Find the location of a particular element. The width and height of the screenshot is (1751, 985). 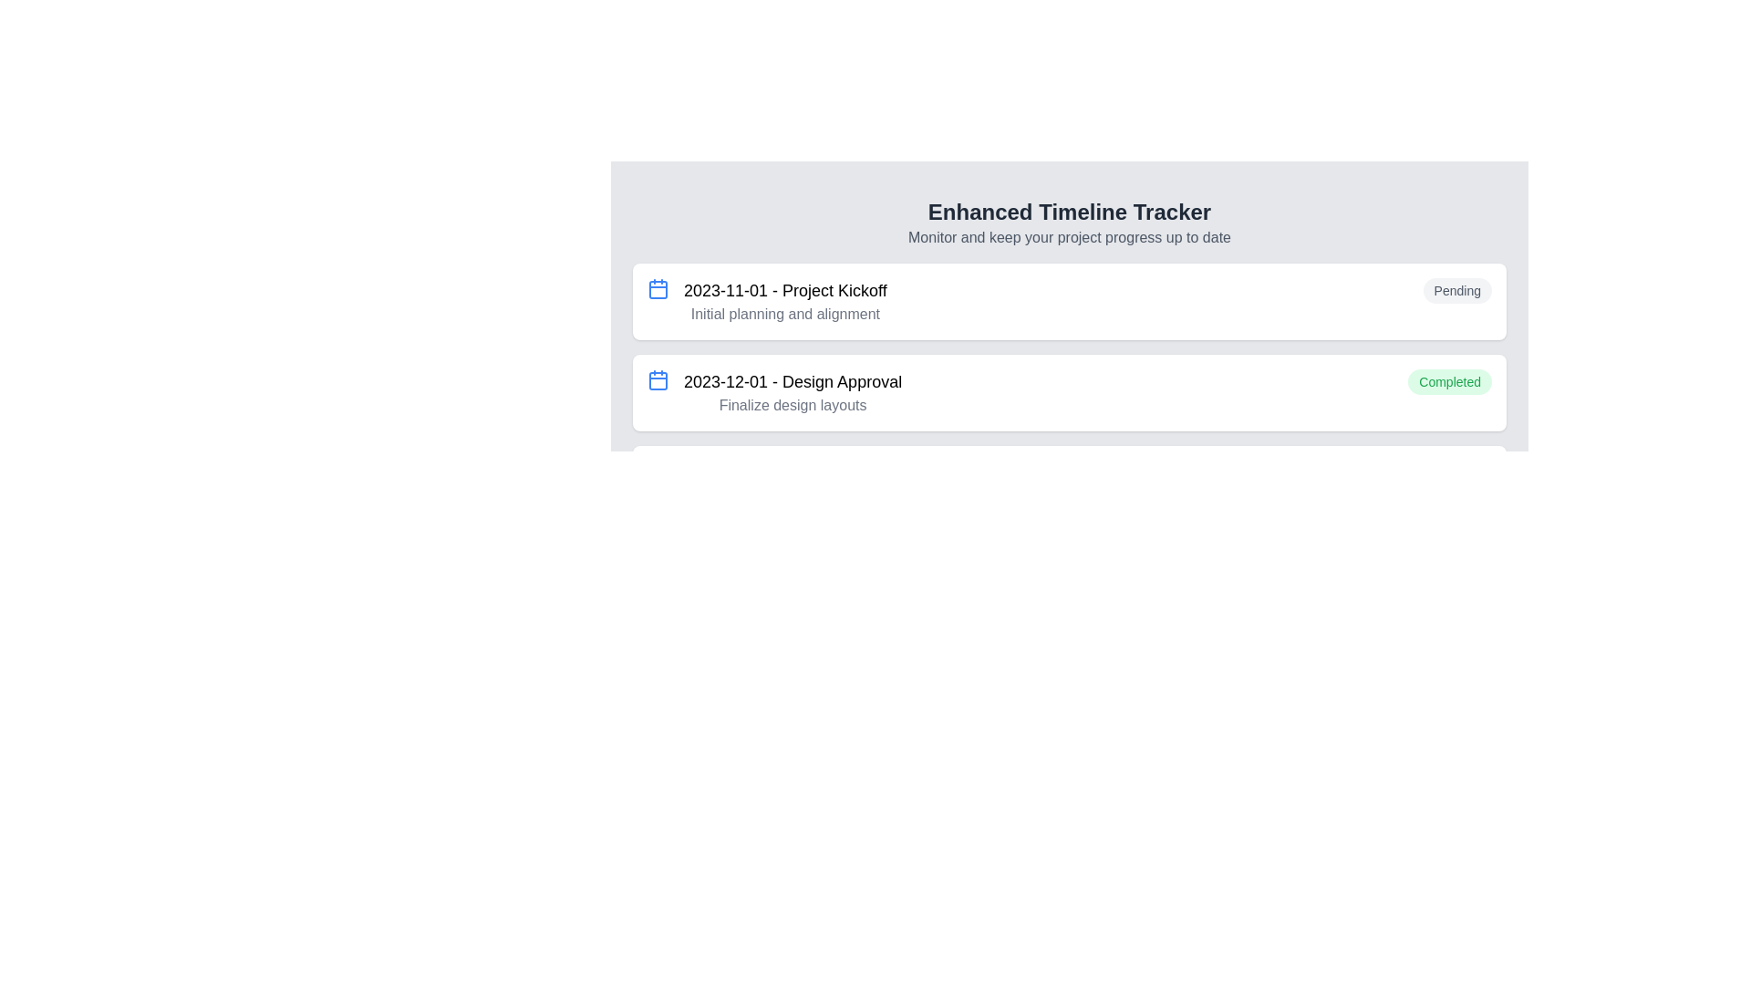

the badge located on the far right side of the first row in the list is located at coordinates (1456, 290).